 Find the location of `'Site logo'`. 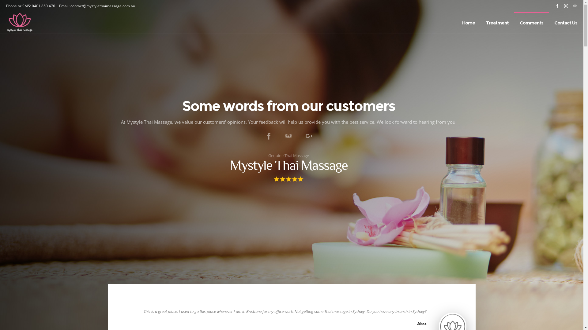

'Site logo' is located at coordinates (6, 22).